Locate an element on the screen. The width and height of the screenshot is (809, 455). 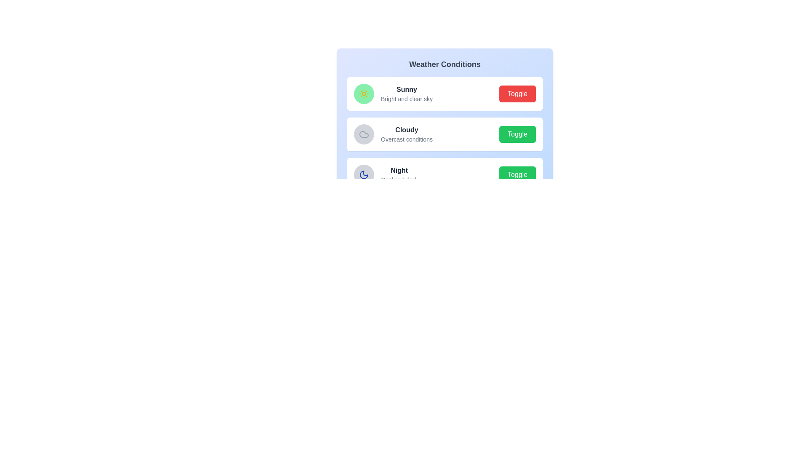
the icon representation of the weather state Sunny is located at coordinates (364, 94).